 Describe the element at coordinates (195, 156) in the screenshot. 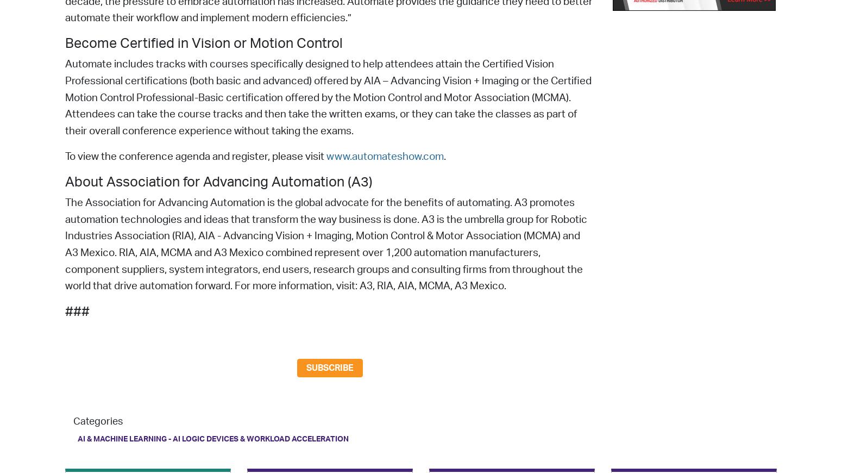

I see `'To view the conference agenda and register, please visit'` at that location.